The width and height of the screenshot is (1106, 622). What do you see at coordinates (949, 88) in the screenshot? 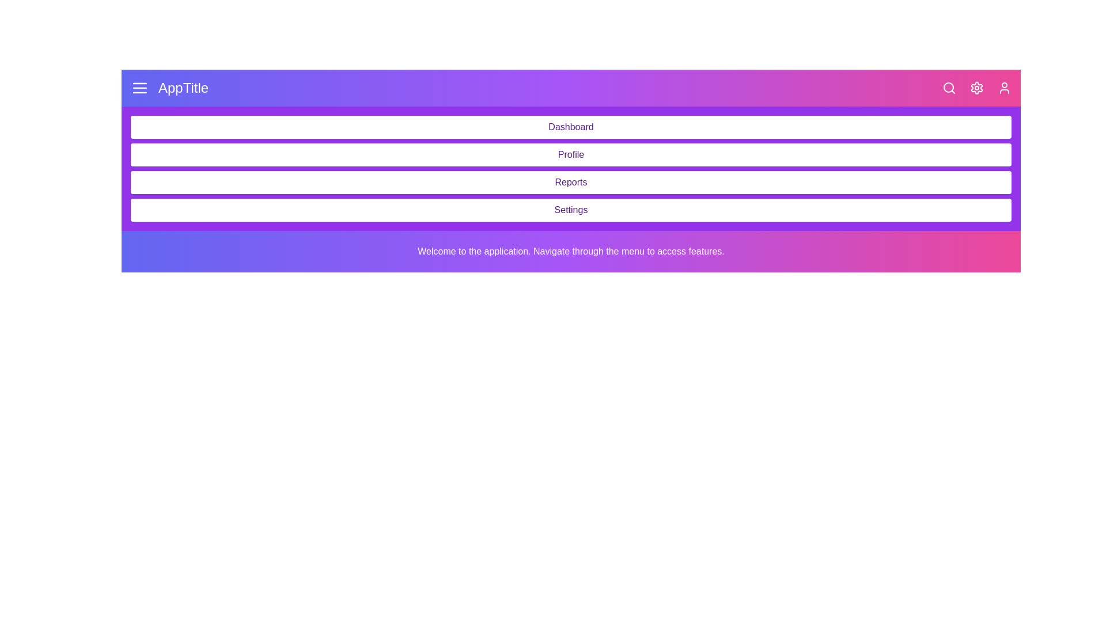
I see `the search icon to initiate a search action` at bounding box center [949, 88].